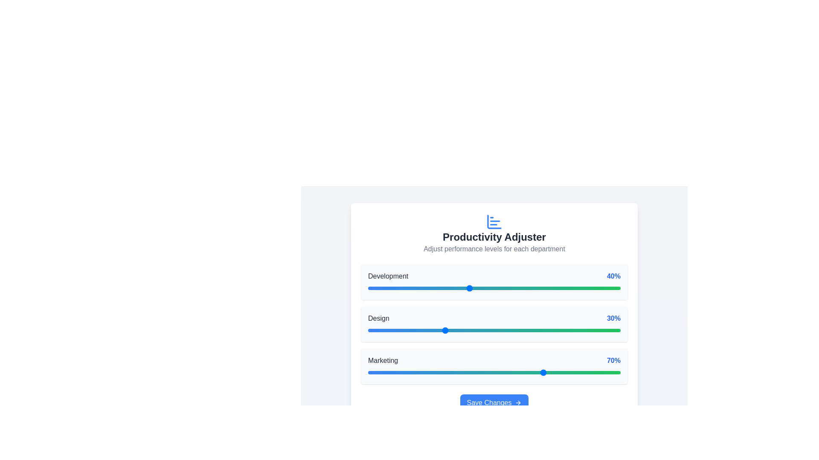  What do you see at coordinates (494, 237) in the screenshot?
I see `the title text element that summarizes the purpose of its associated section, positioned between a bar chart icon above and descriptive text below` at bounding box center [494, 237].